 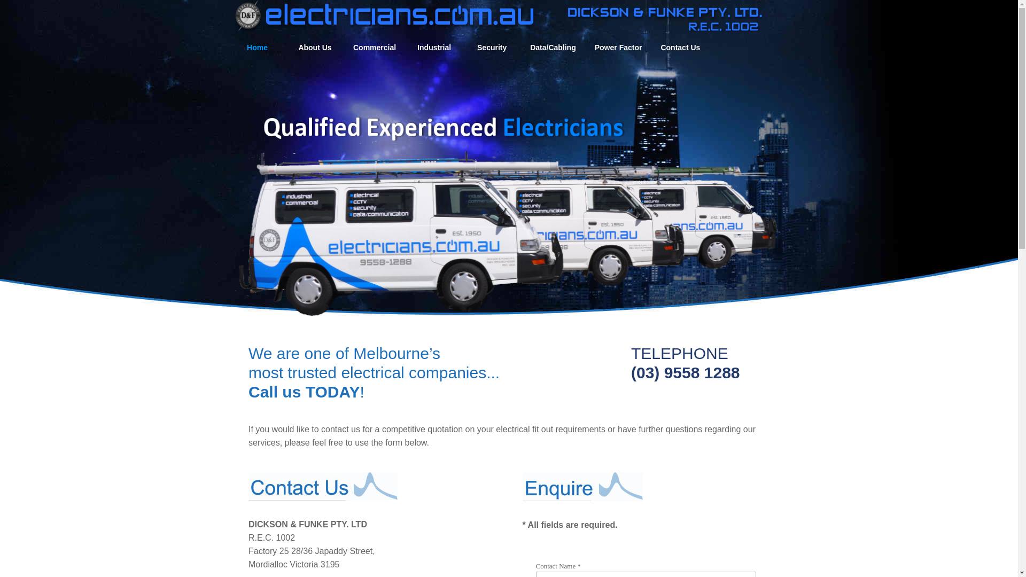 I want to click on 'About Us', so click(x=314, y=47).